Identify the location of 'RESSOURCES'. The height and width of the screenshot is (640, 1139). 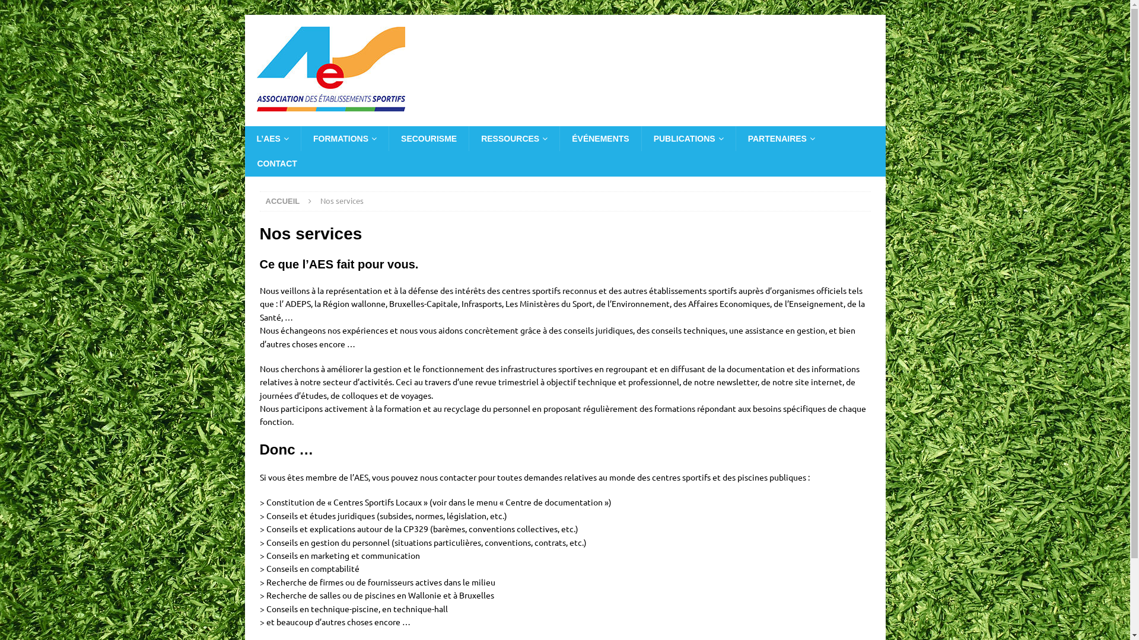
(514, 138).